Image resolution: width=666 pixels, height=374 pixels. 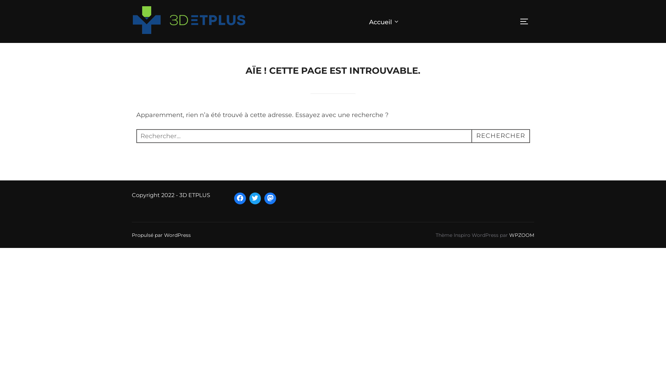 I want to click on 'Accueil', so click(x=369, y=21).